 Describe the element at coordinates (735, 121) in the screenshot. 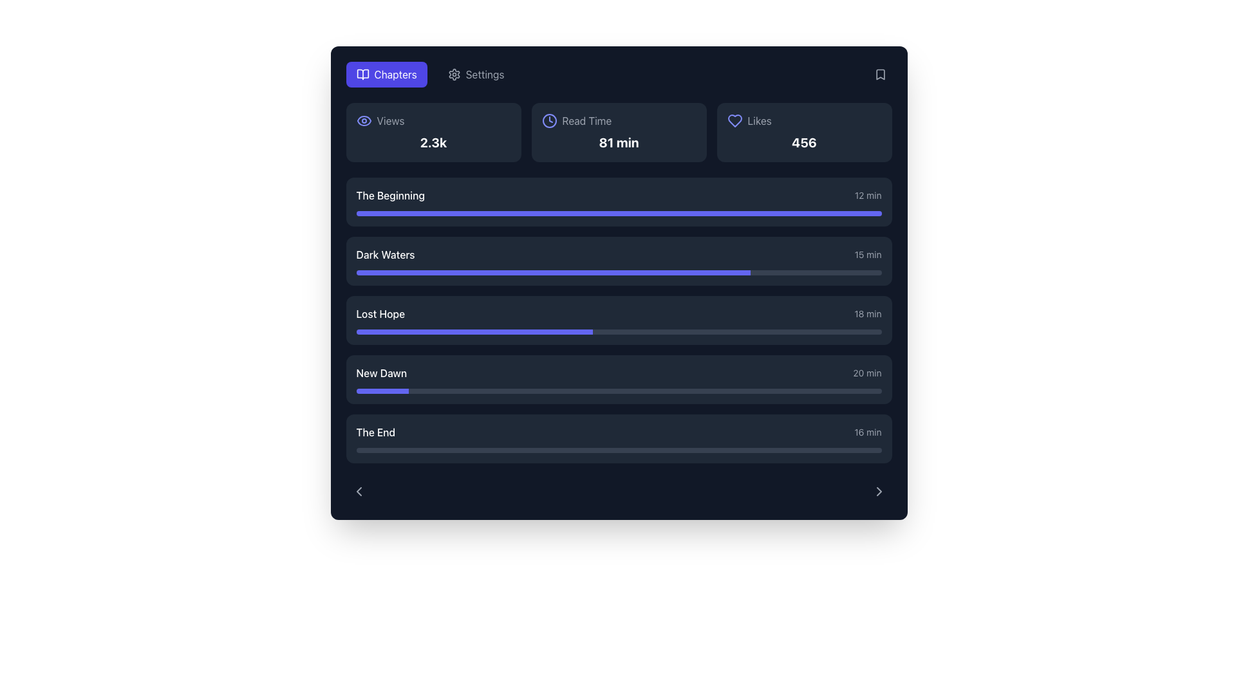

I see `the 'Likes' icon located in the top row of the dashboard interface, next to the text marked 'Likes' and the numerical value '456'` at that location.